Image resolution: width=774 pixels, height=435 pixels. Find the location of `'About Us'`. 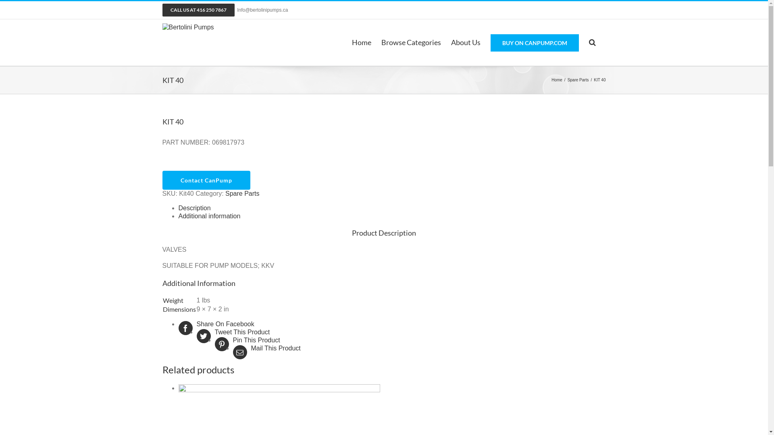

'About Us' is located at coordinates (465, 42).